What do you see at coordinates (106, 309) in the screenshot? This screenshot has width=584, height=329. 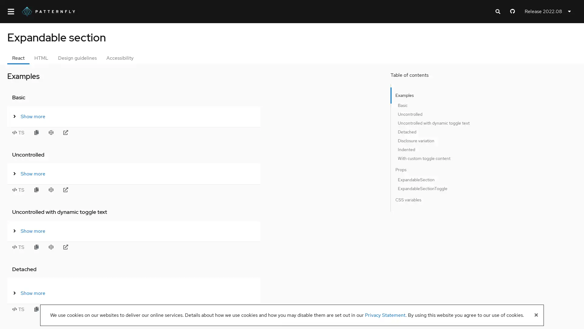 I see `Toggle TS code in Detached example` at bounding box center [106, 309].